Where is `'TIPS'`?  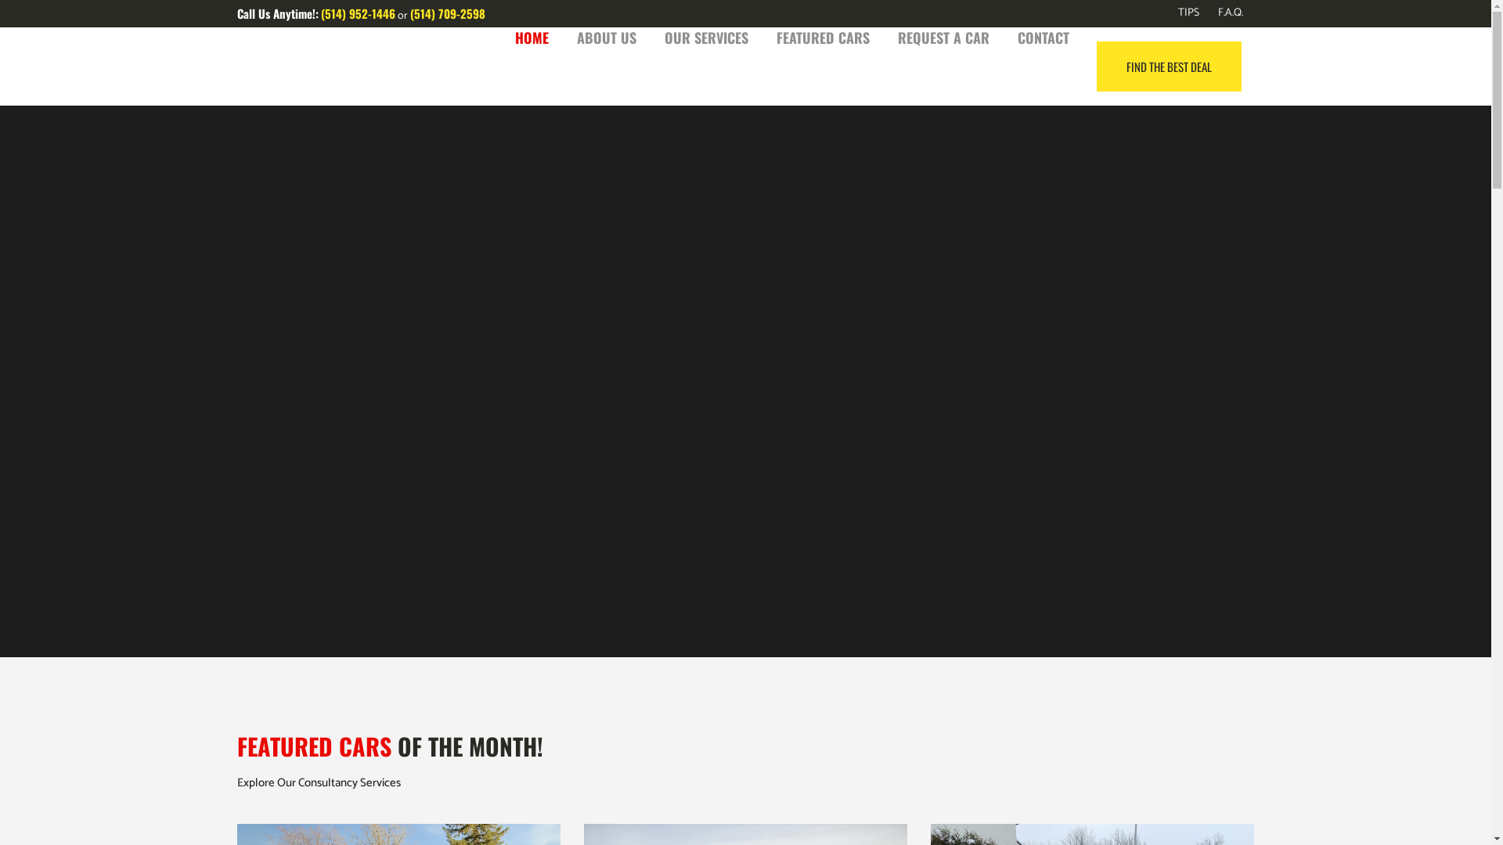
'TIPS' is located at coordinates (1178, 13).